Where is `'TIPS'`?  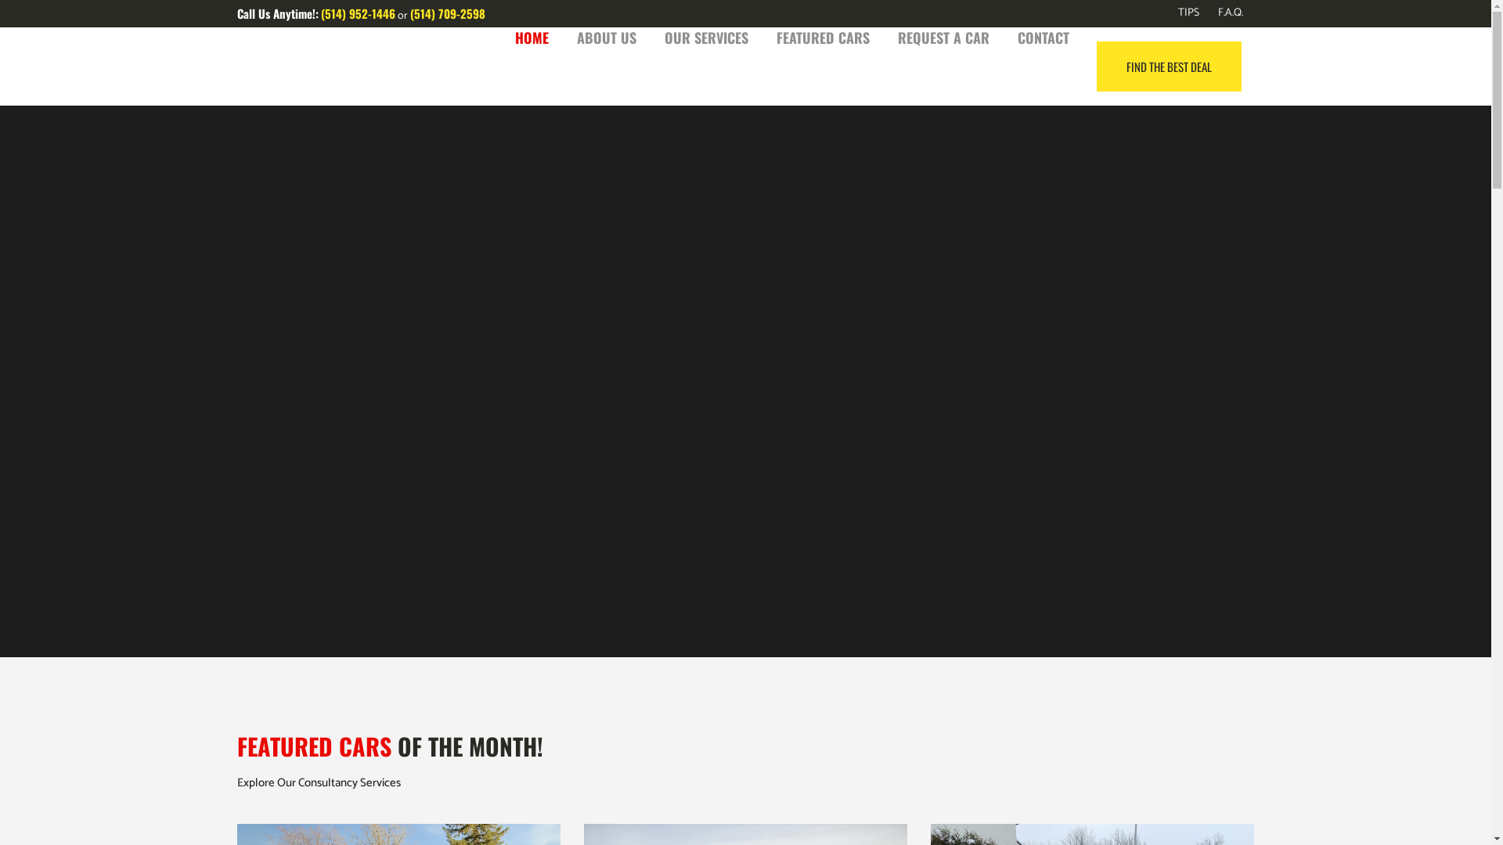
'TIPS' is located at coordinates (1178, 13).